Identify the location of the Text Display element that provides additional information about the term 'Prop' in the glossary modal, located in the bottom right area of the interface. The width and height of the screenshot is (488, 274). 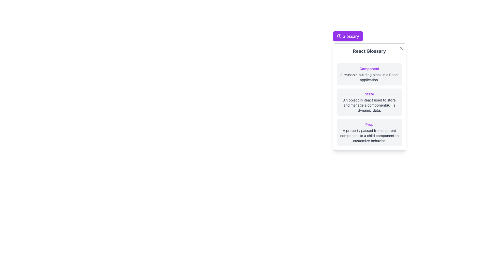
(369, 135).